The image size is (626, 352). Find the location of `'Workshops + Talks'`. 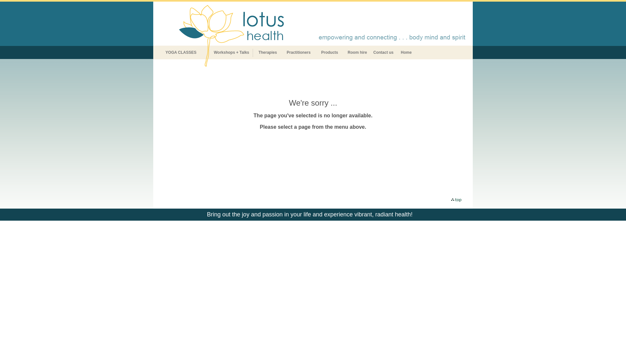

'Workshops + Talks' is located at coordinates (210, 52).